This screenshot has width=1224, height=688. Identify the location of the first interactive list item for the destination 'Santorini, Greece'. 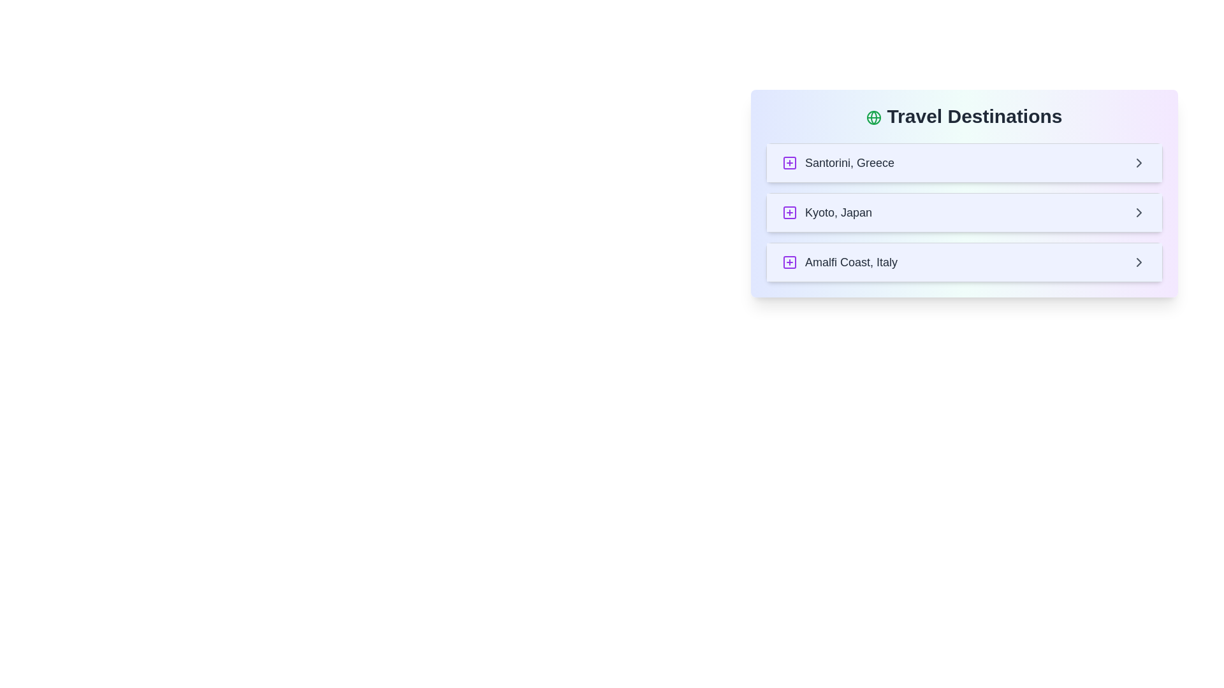
(964, 162).